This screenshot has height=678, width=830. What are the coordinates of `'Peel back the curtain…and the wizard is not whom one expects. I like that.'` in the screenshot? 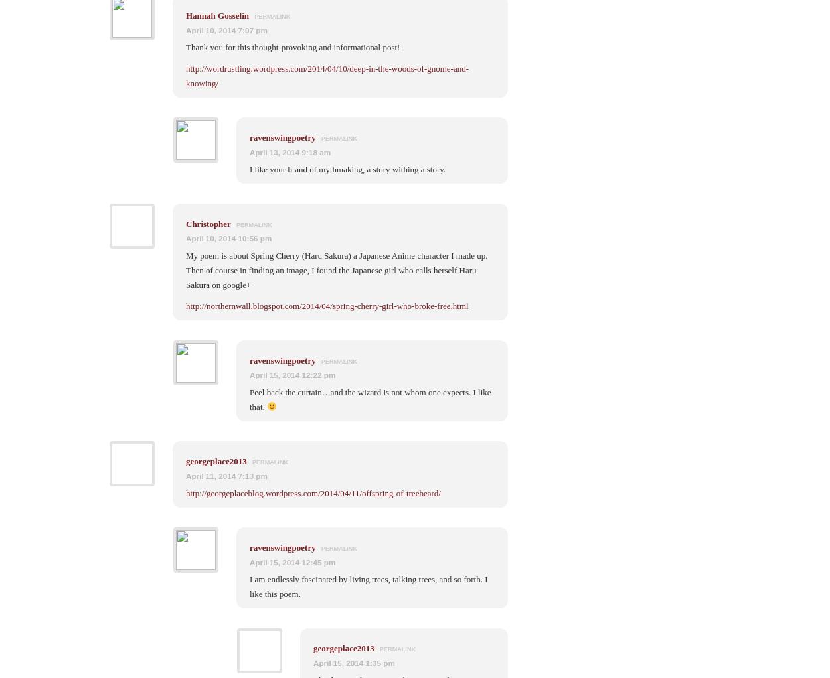 It's located at (370, 398).